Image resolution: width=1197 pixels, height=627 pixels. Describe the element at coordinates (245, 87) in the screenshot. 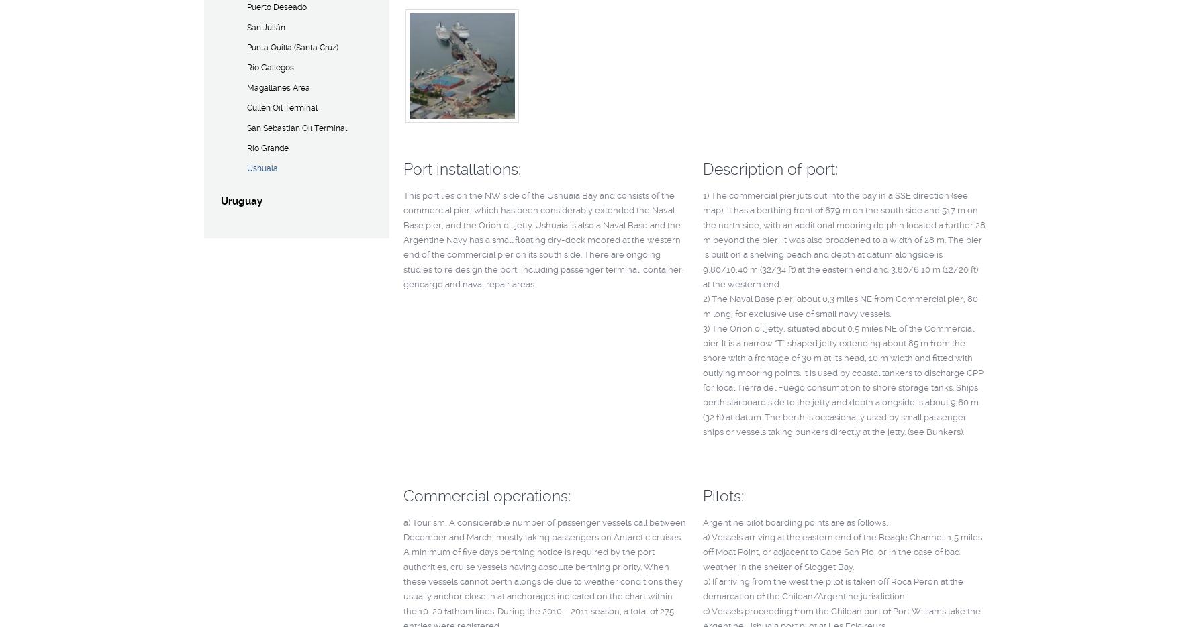

I see `'Magallanes Area'` at that location.